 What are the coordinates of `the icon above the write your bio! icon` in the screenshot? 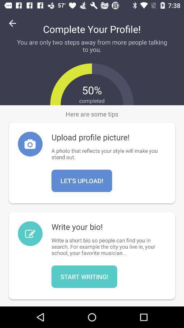 It's located at (82, 180).